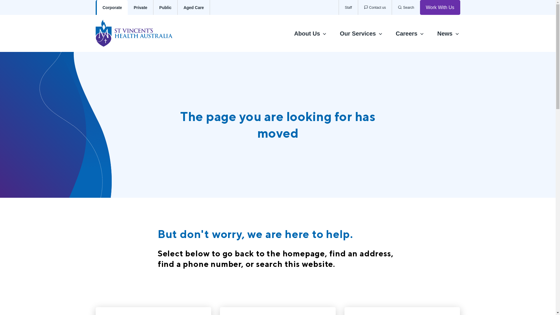 Image resolution: width=560 pixels, height=315 pixels. Describe the element at coordinates (140, 33) in the screenshot. I see `'St Vincents Health Australia'` at that location.